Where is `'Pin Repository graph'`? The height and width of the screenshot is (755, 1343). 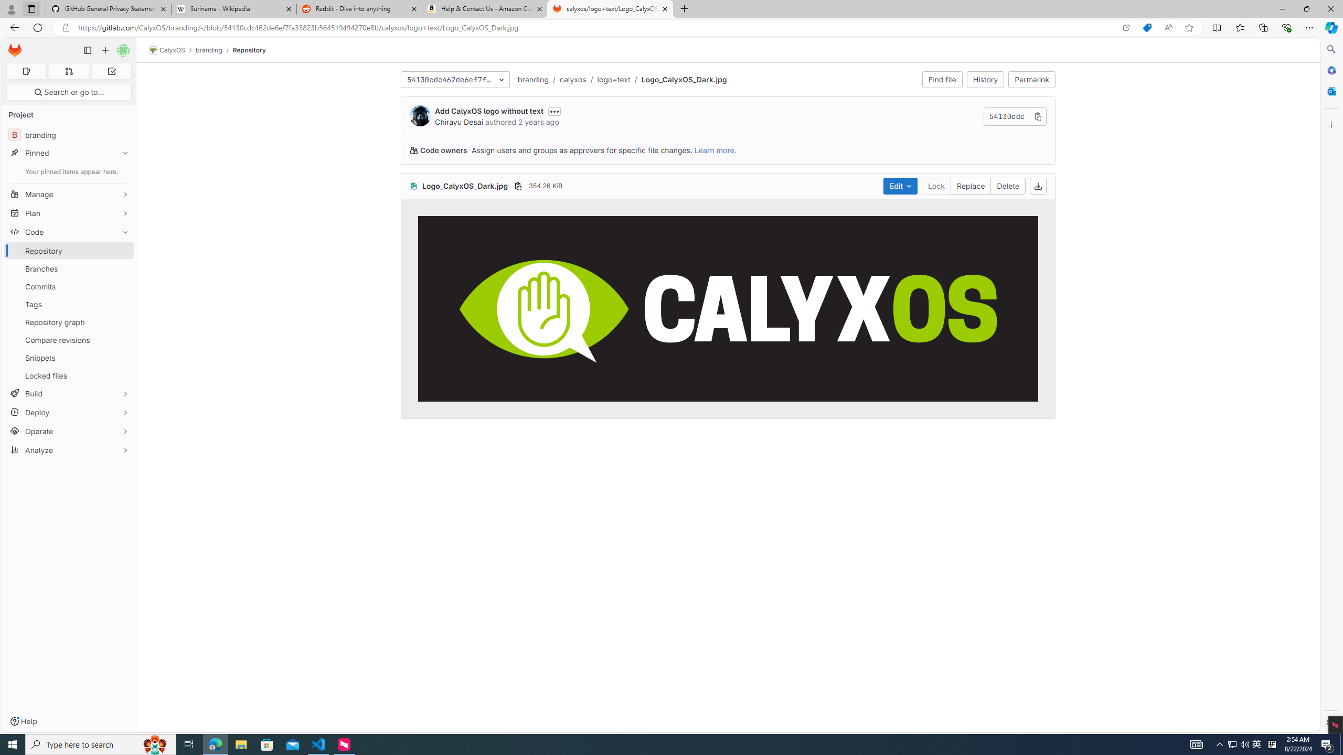
'Pin Repository graph' is located at coordinates (122, 321).